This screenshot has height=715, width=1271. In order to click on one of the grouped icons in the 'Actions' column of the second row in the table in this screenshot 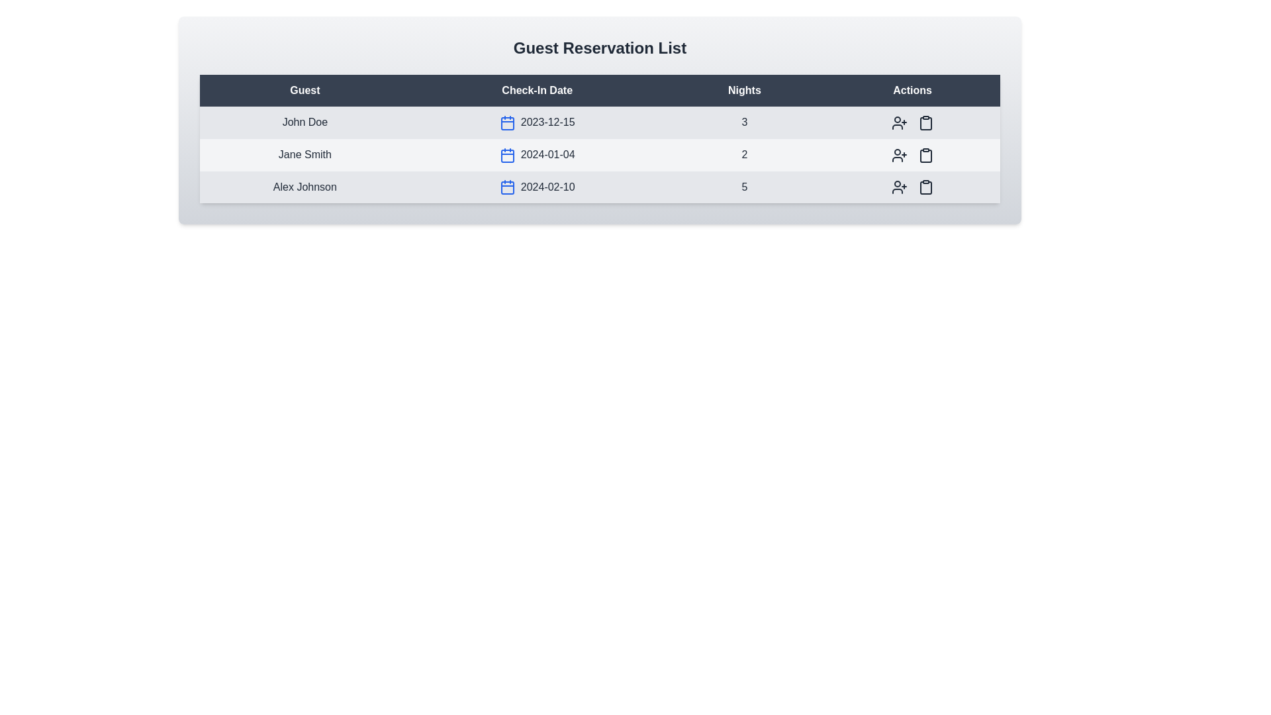, I will do `click(911, 154)`.